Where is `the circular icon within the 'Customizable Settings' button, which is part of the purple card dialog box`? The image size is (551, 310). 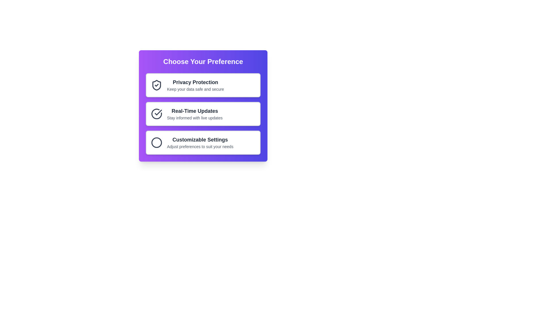 the circular icon within the 'Customizable Settings' button, which is part of the purple card dialog box is located at coordinates (157, 142).